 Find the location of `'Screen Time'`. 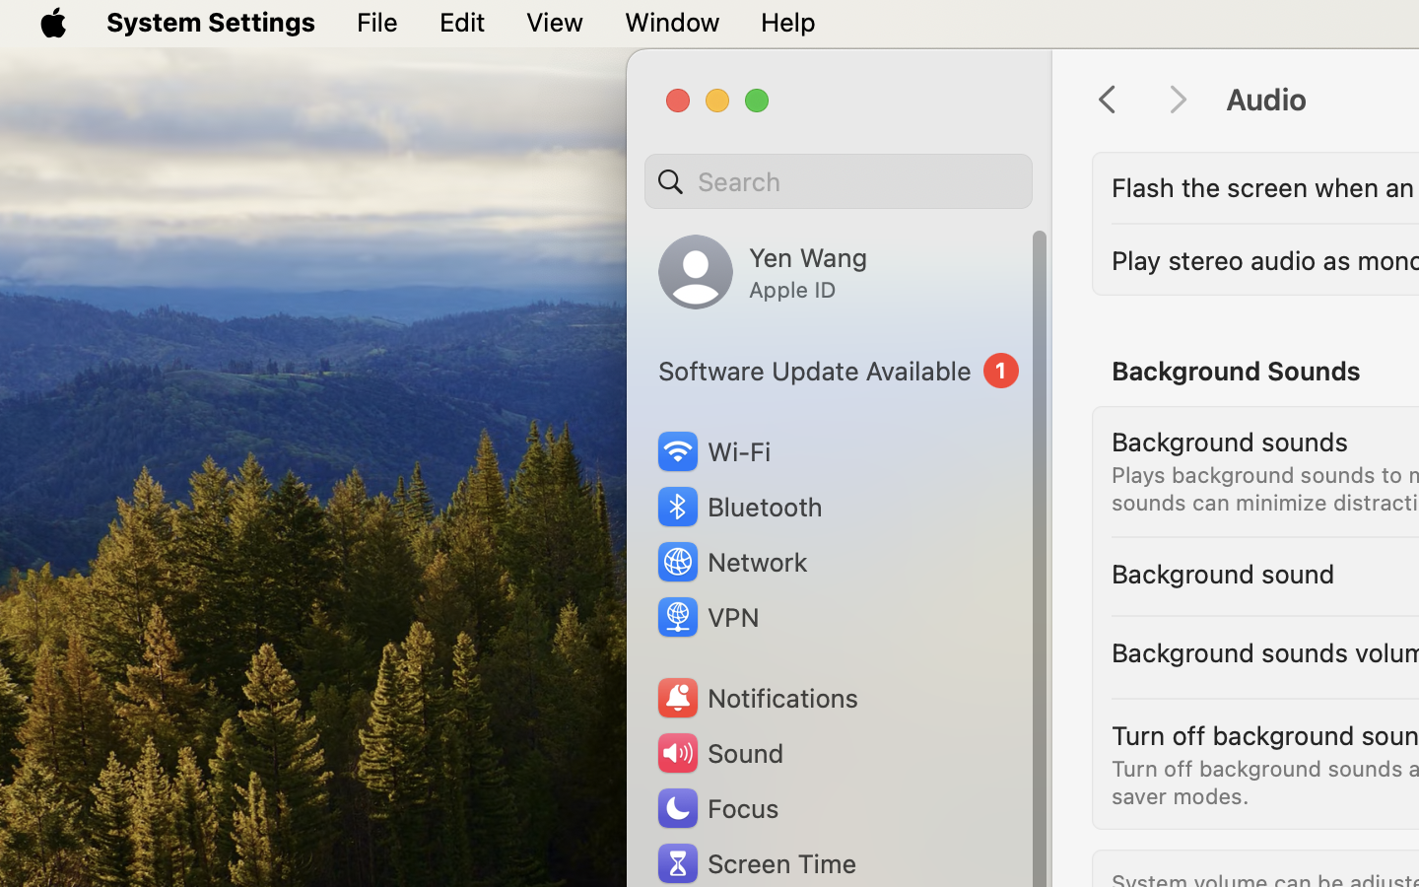

'Screen Time' is located at coordinates (754, 862).